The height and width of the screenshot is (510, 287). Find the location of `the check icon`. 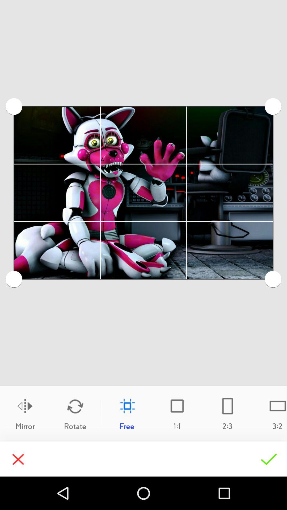

the check icon is located at coordinates (269, 459).